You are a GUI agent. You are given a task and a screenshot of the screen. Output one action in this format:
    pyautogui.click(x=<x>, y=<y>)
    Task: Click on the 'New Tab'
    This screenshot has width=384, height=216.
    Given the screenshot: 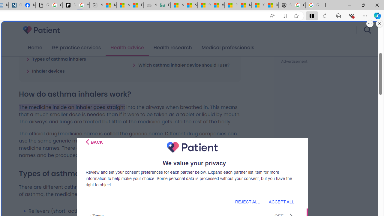 What is the action you would take?
    pyautogui.click(x=325, y=5)
    